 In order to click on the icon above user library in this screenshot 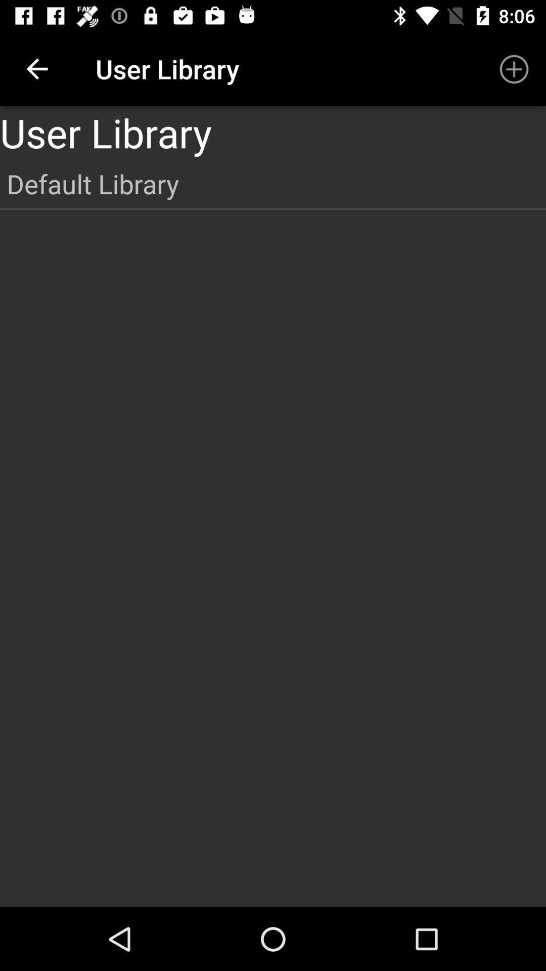, I will do `click(514, 68)`.